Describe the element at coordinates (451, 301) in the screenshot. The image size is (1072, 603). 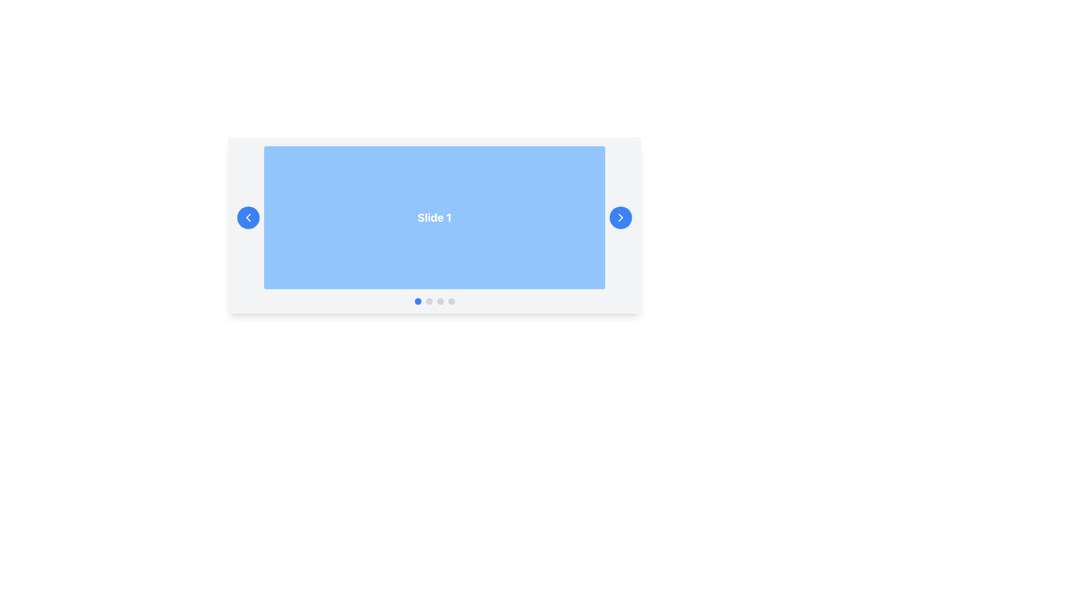
I see `the fourth circular indicator in the carousel component` at that location.